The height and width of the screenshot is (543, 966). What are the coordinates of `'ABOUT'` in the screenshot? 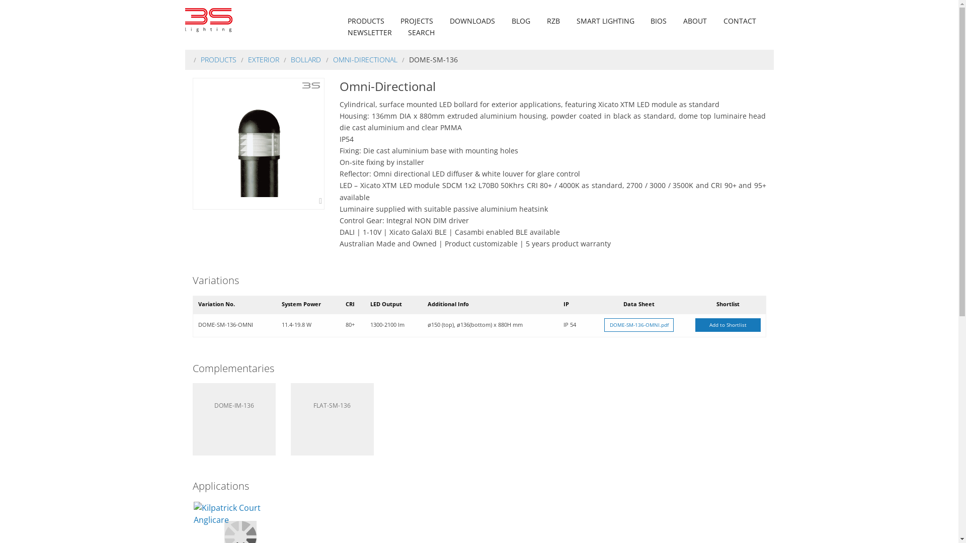 It's located at (694, 21).